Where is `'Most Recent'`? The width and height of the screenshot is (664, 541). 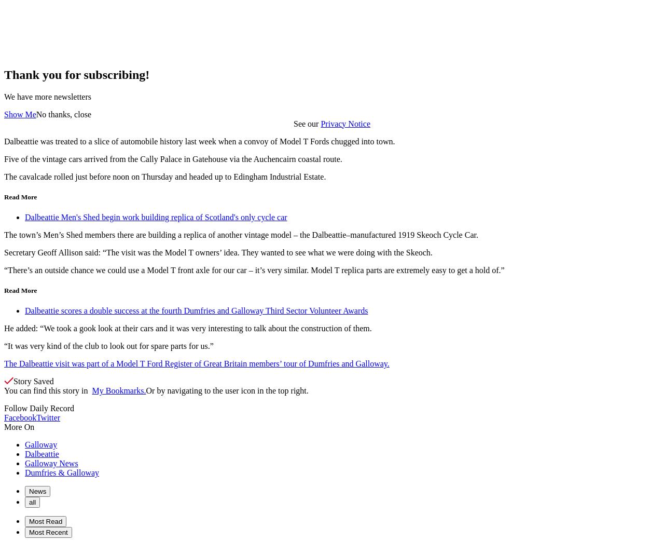 'Most Recent' is located at coordinates (48, 532).